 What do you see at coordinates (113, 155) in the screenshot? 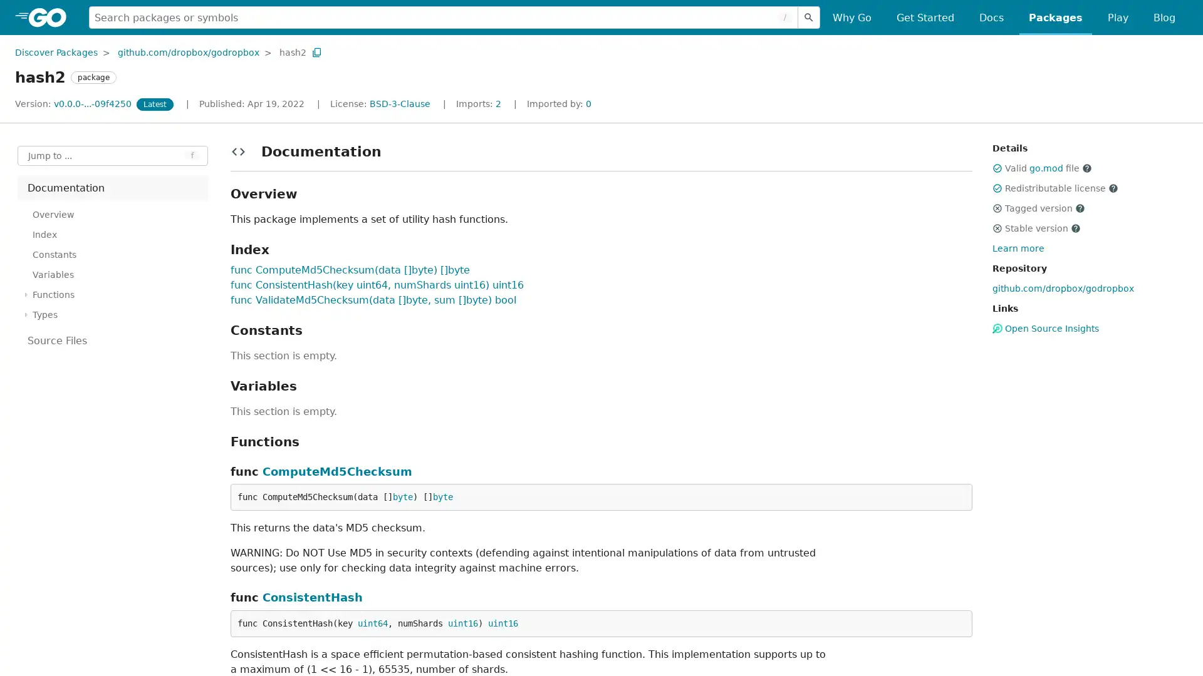
I see `Open Jump to Identifier` at bounding box center [113, 155].